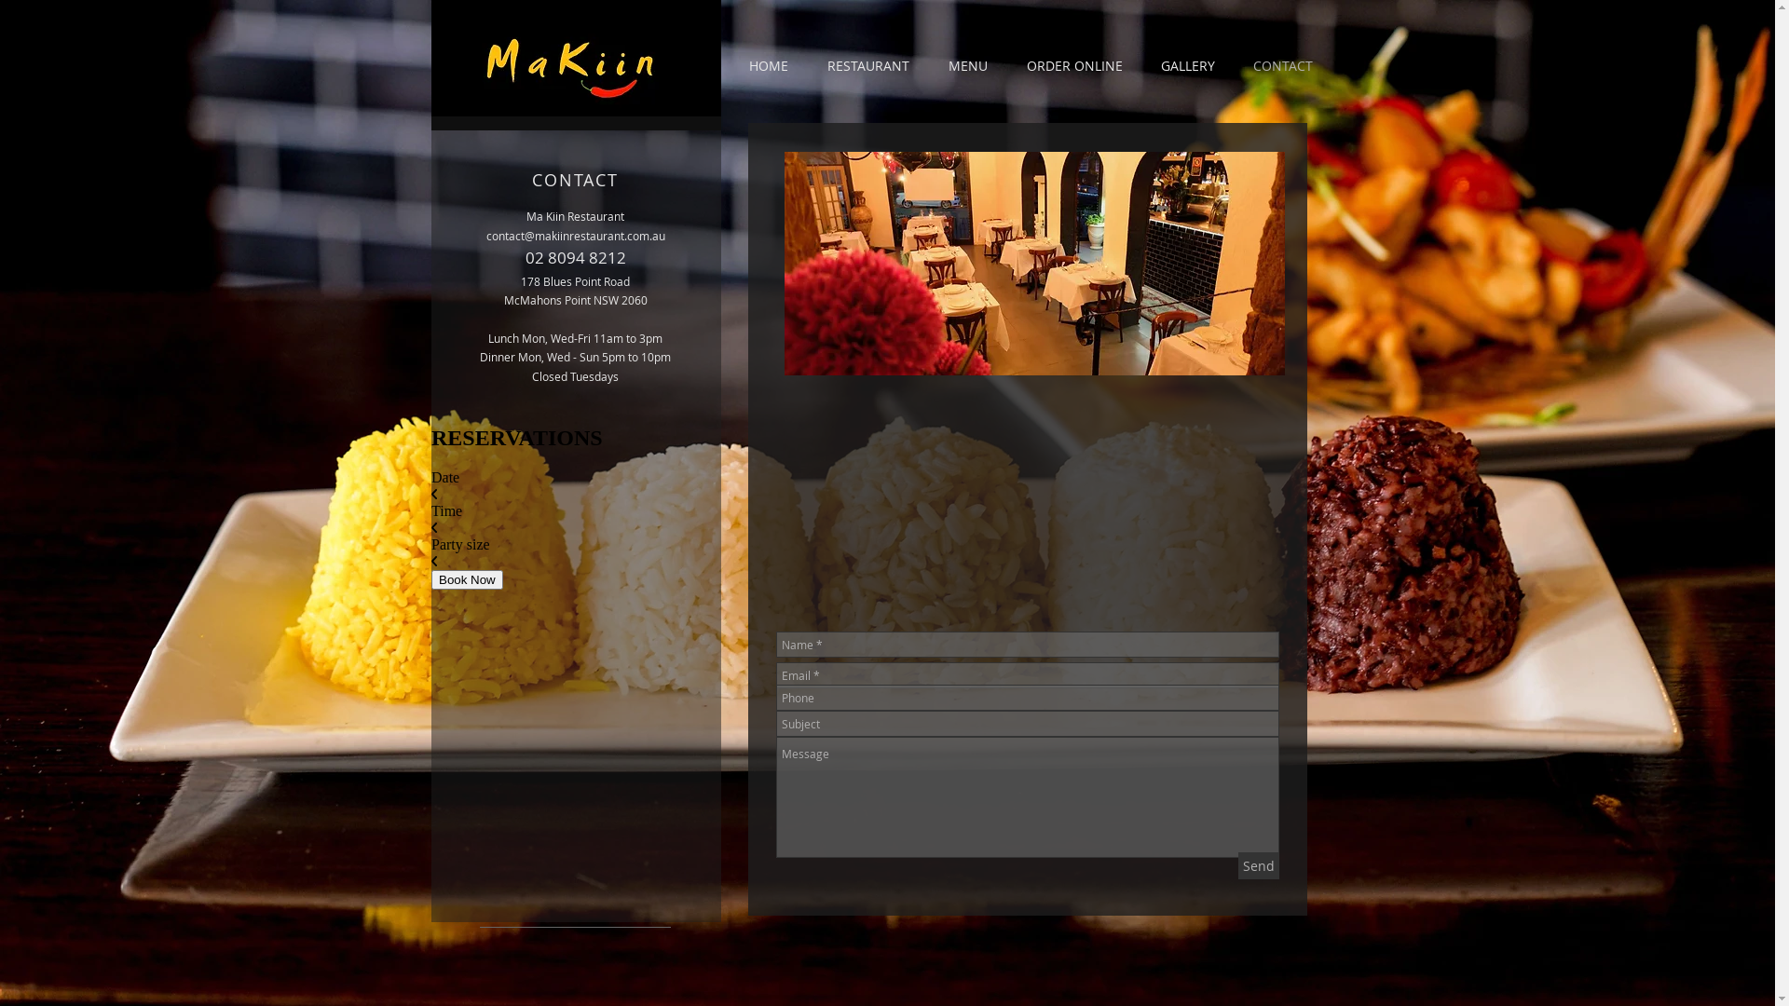  I want to click on 'RESTAURANT', so click(867, 64).